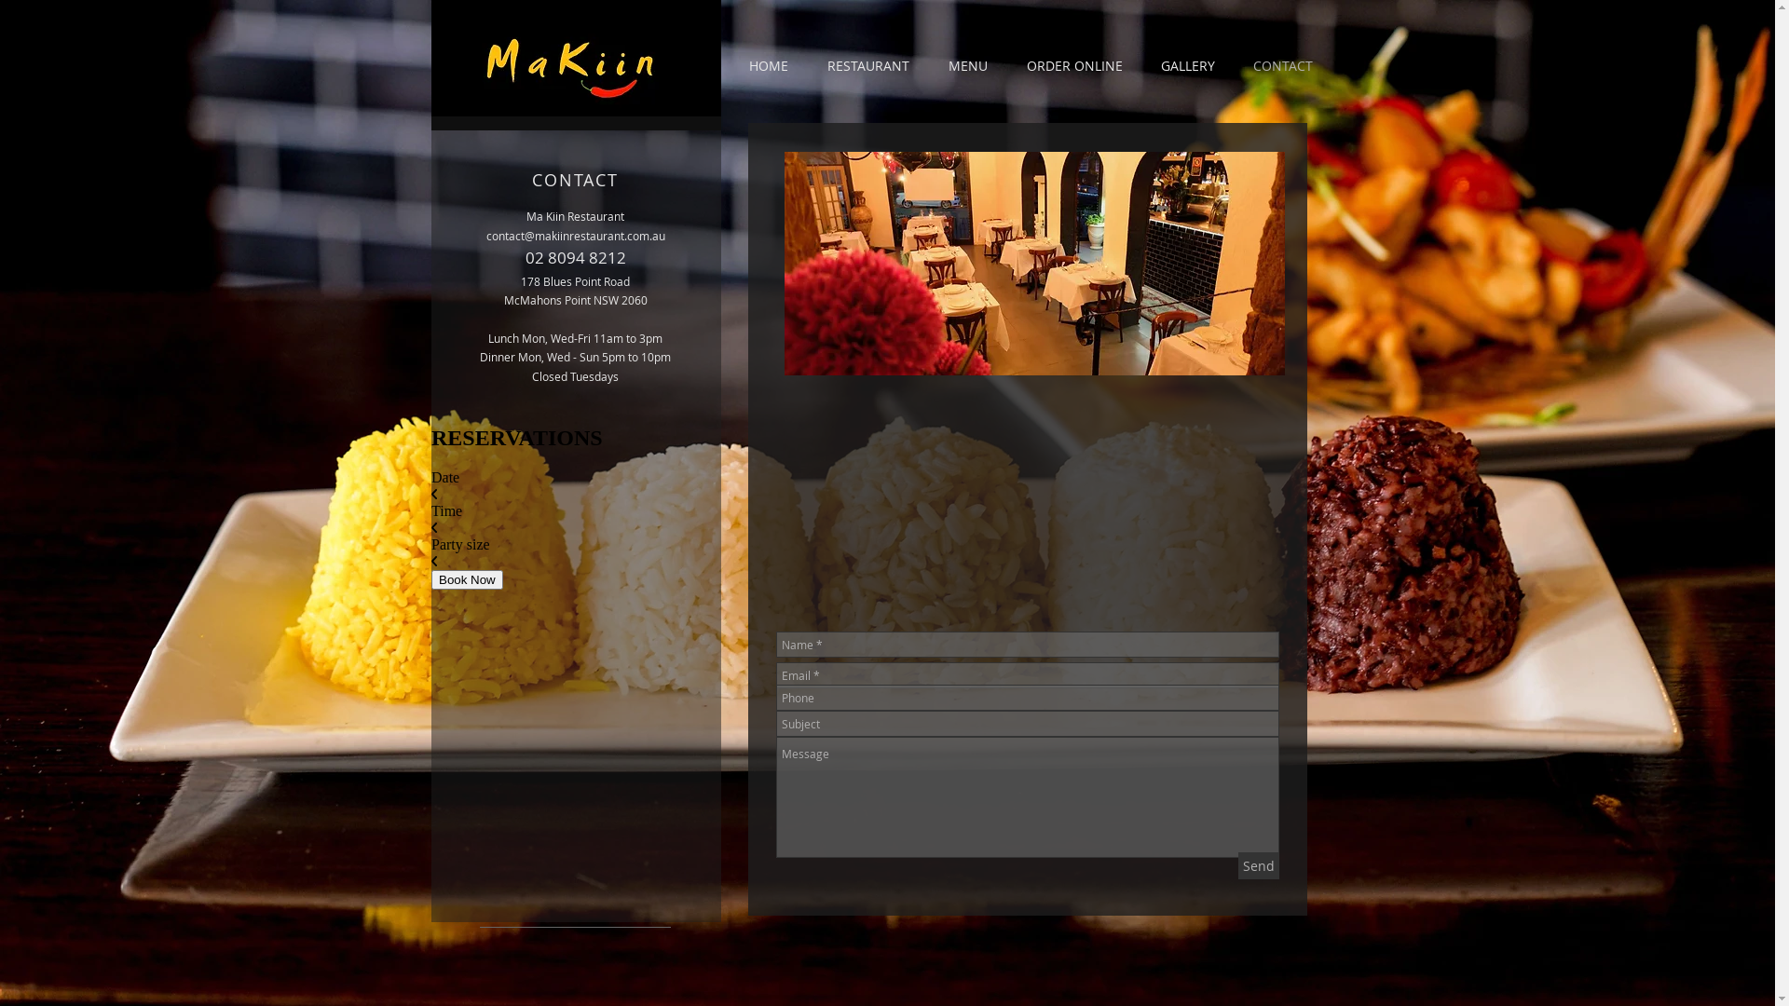  I want to click on 'RESTAURANT', so click(867, 64).